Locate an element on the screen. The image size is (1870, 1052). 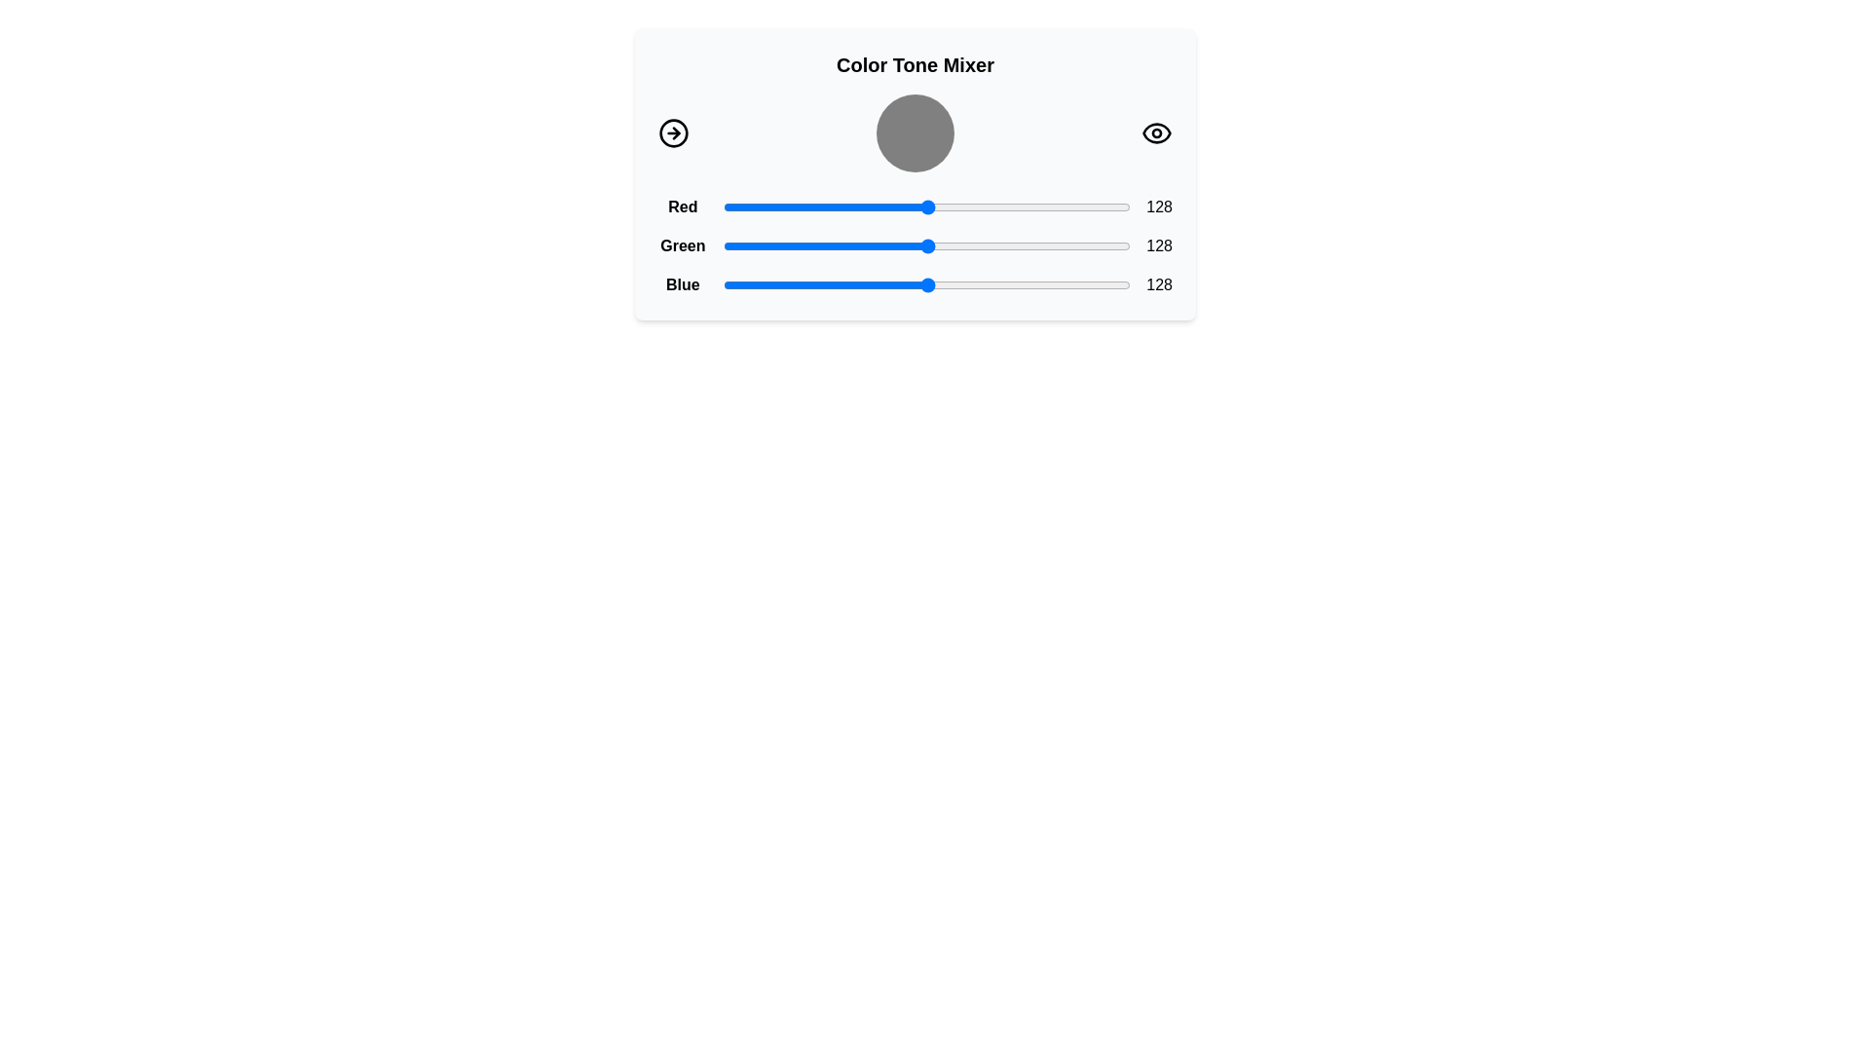
the red component is located at coordinates (789, 207).